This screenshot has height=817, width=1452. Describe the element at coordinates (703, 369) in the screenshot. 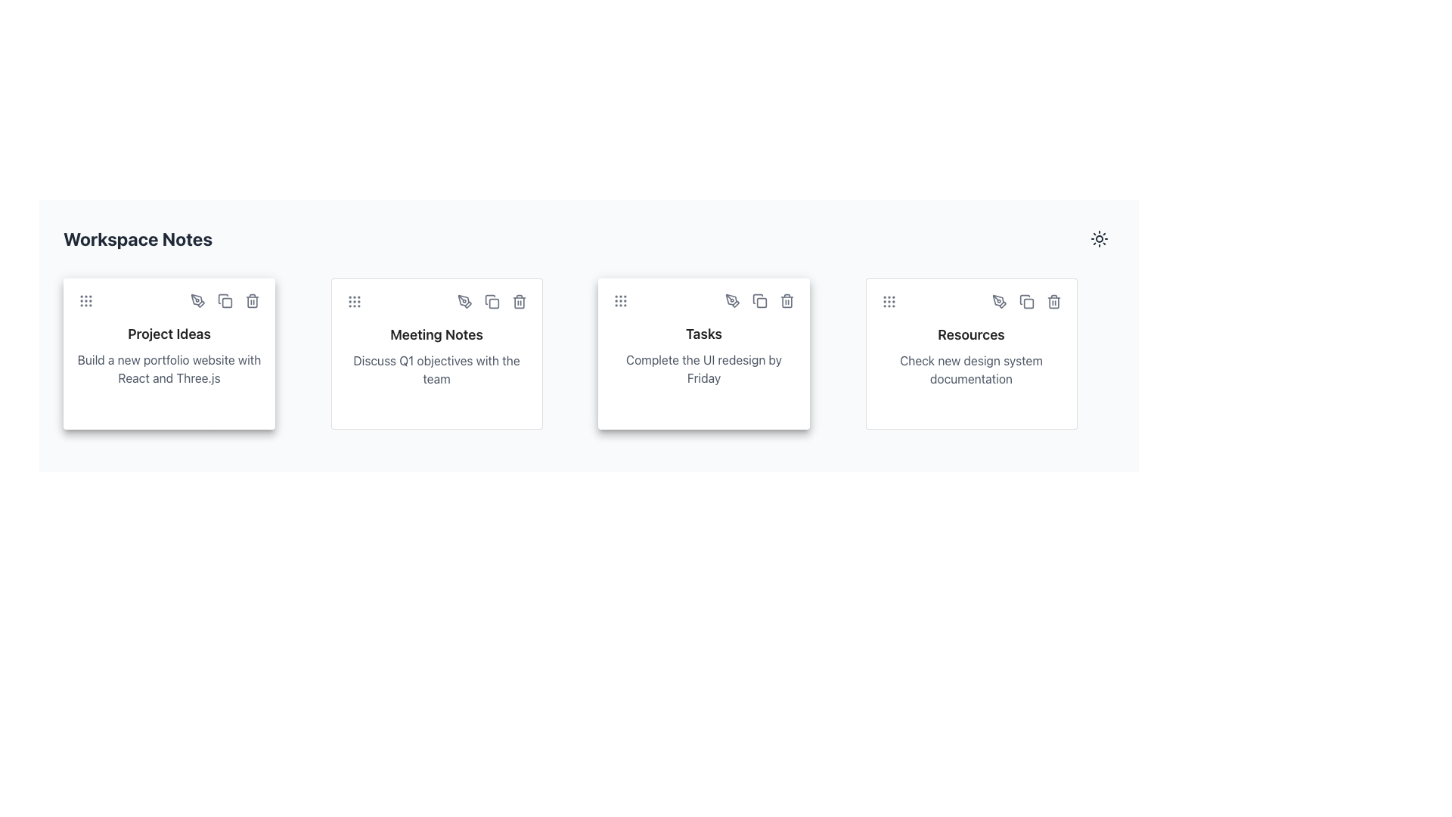

I see `the text block displaying the task description located inside the 'Tasks' card, which is the third card from the left in a row of four cards` at that location.